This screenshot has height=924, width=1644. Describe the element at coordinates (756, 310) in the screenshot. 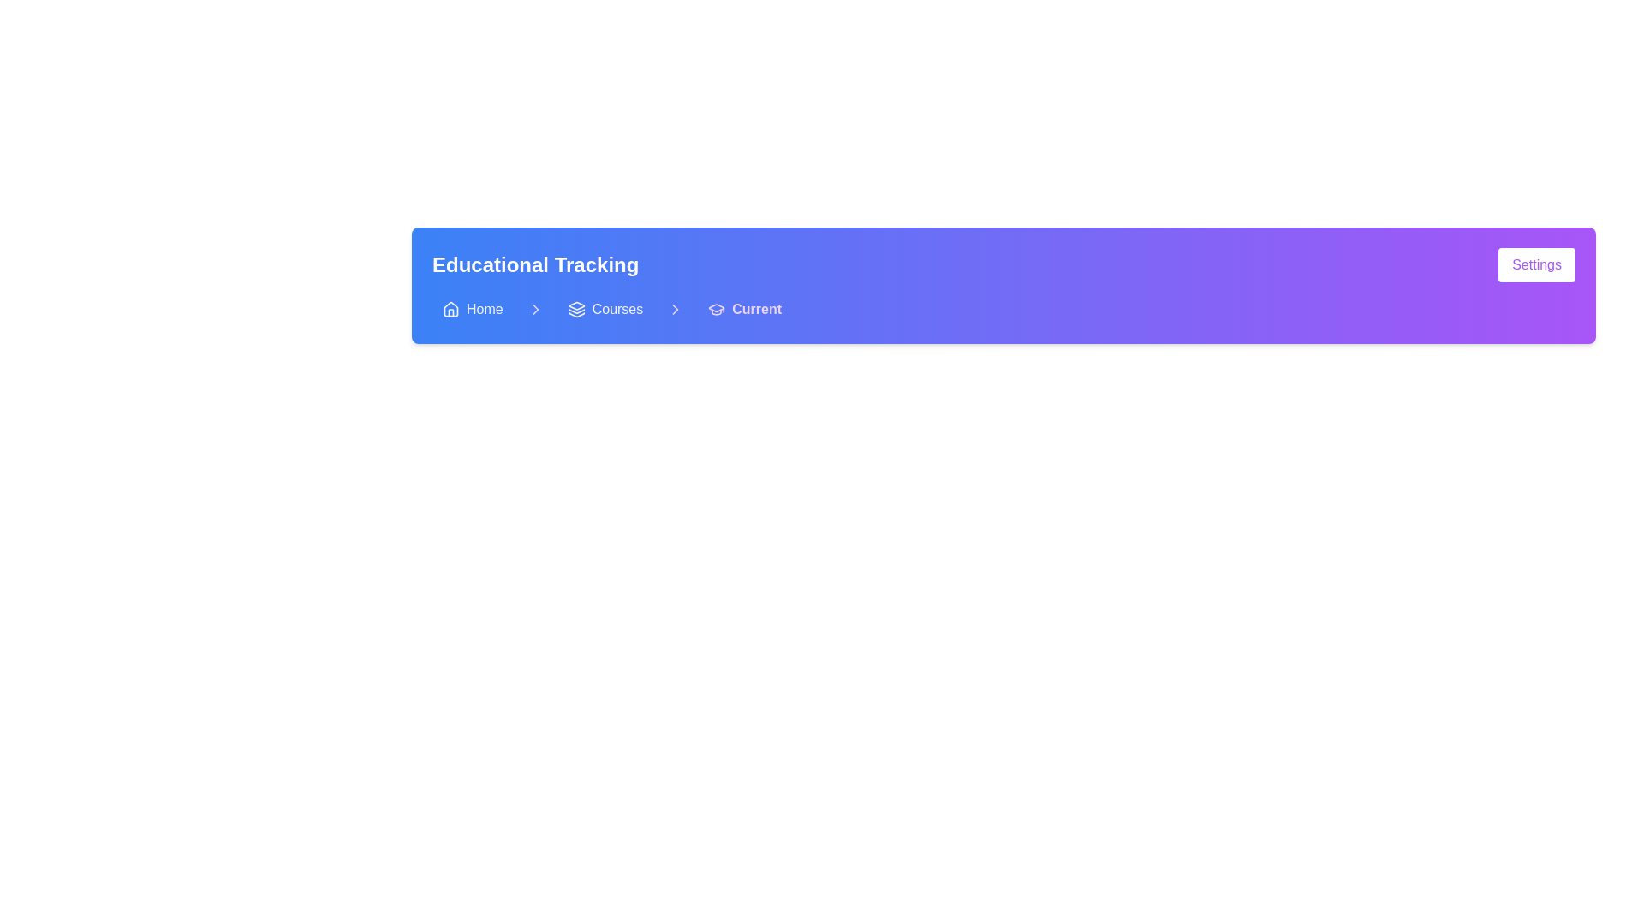

I see `the static text label indicating the current page in the breadcrumb navigation, located at the rightmost end, aligned with the text 'Courses'` at that location.